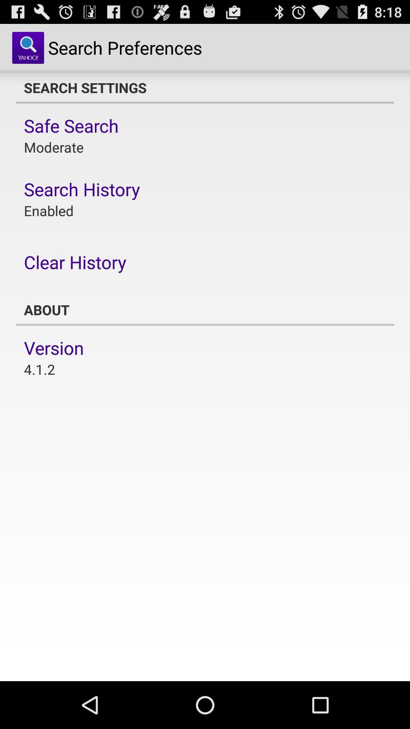  What do you see at coordinates (54, 347) in the screenshot?
I see `version item` at bounding box center [54, 347].